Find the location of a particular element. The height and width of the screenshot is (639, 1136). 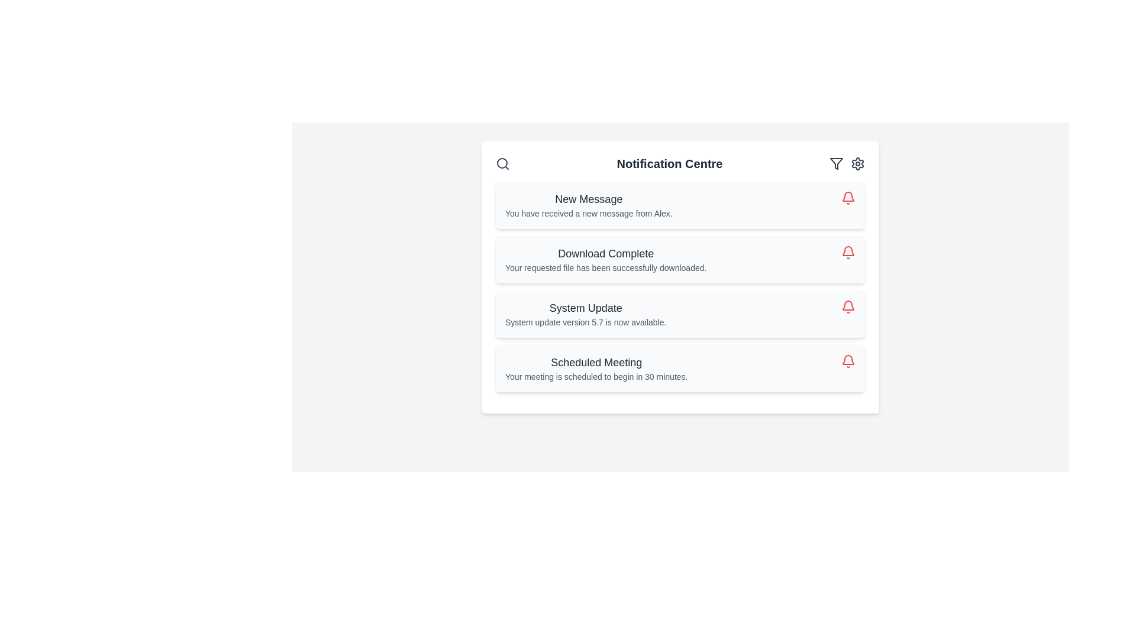

the interactive action icon located at the top-right corner of the 'New Message' notification card is located at coordinates (848, 198).